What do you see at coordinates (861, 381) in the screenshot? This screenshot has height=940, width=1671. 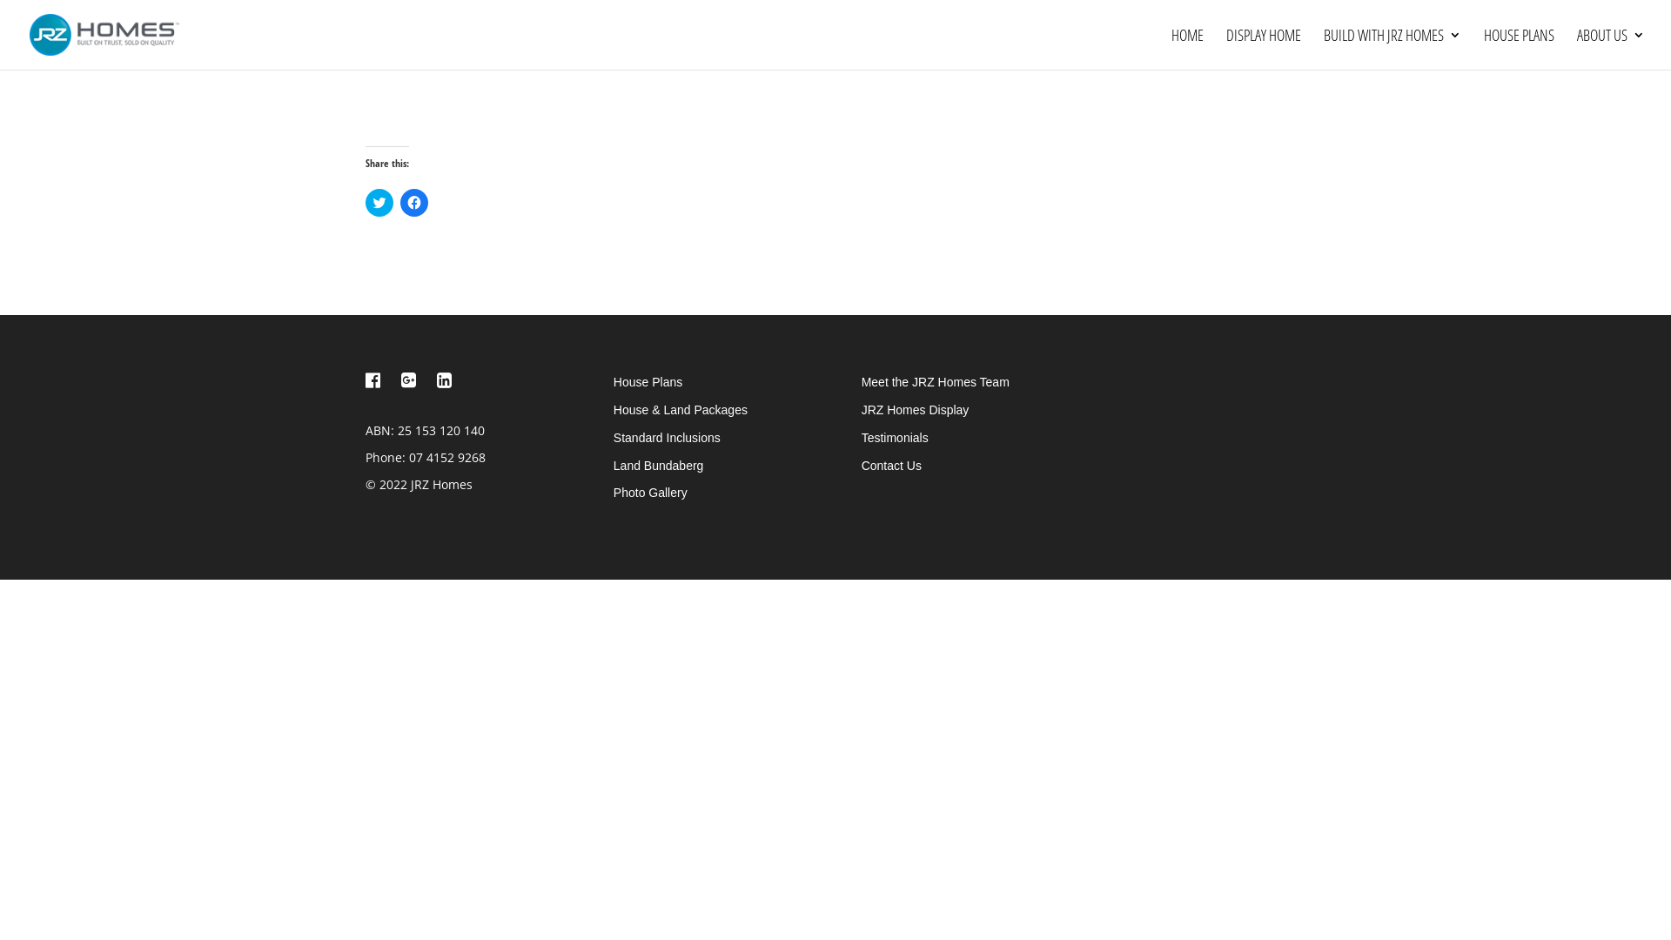 I see `'Meet the JRZ Homes Team'` at bounding box center [861, 381].